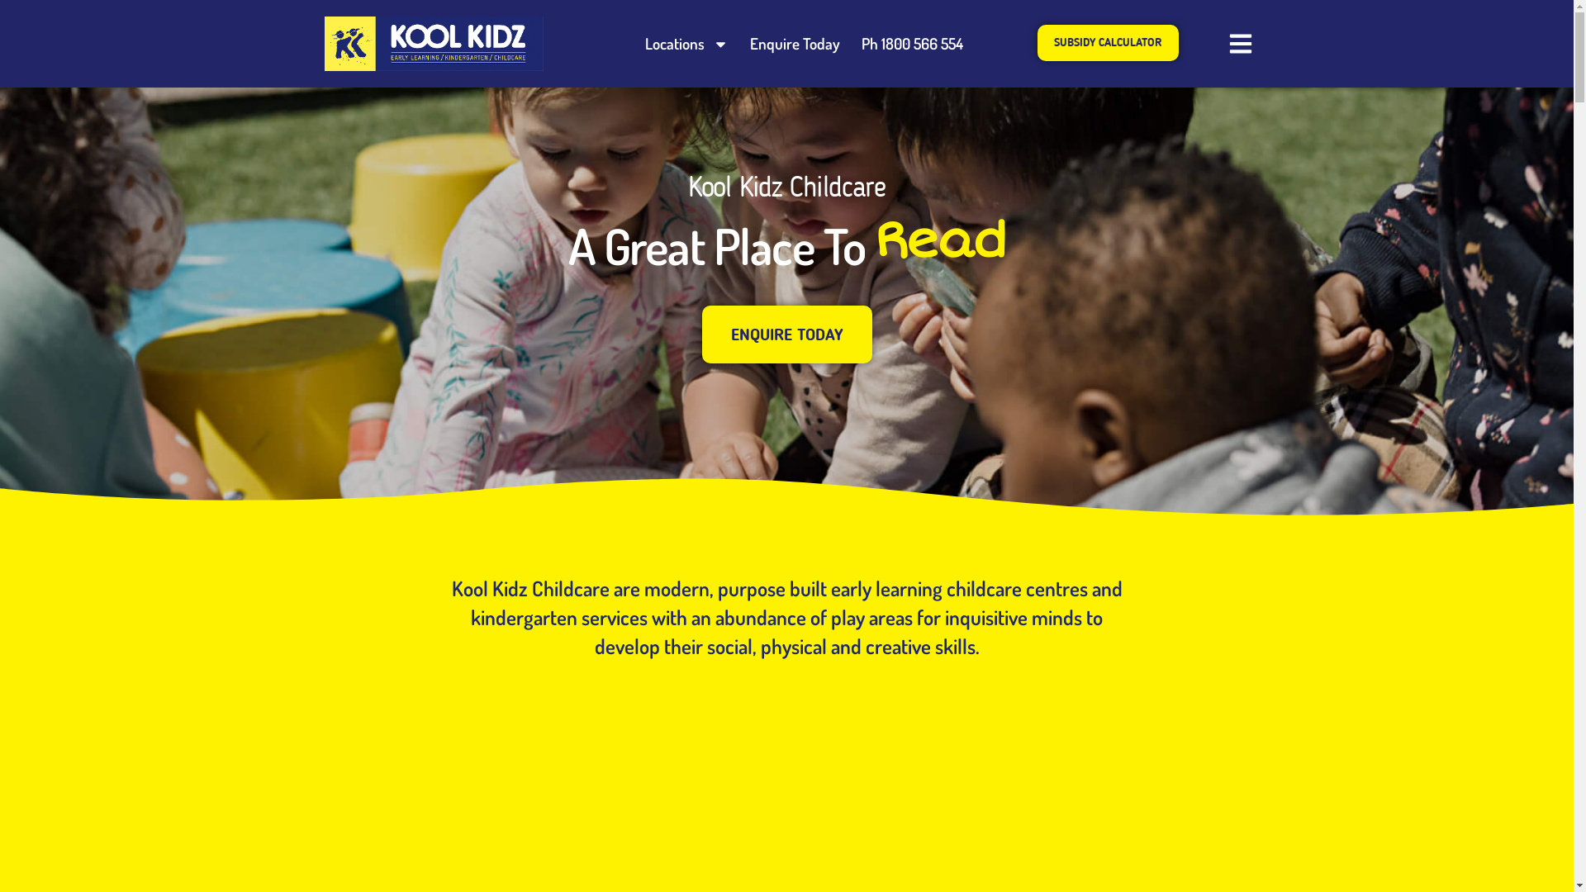 The image size is (1586, 892). What do you see at coordinates (911, 43) in the screenshot?
I see `'Ph 1800 566 554'` at bounding box center [911, 43].